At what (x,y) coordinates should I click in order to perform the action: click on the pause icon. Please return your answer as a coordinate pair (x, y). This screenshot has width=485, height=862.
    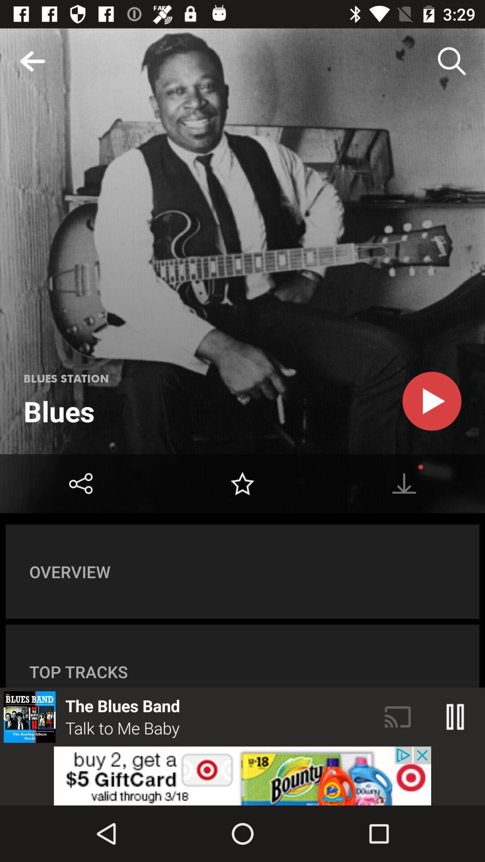
    Looking at the image, I should click on (455, 717).